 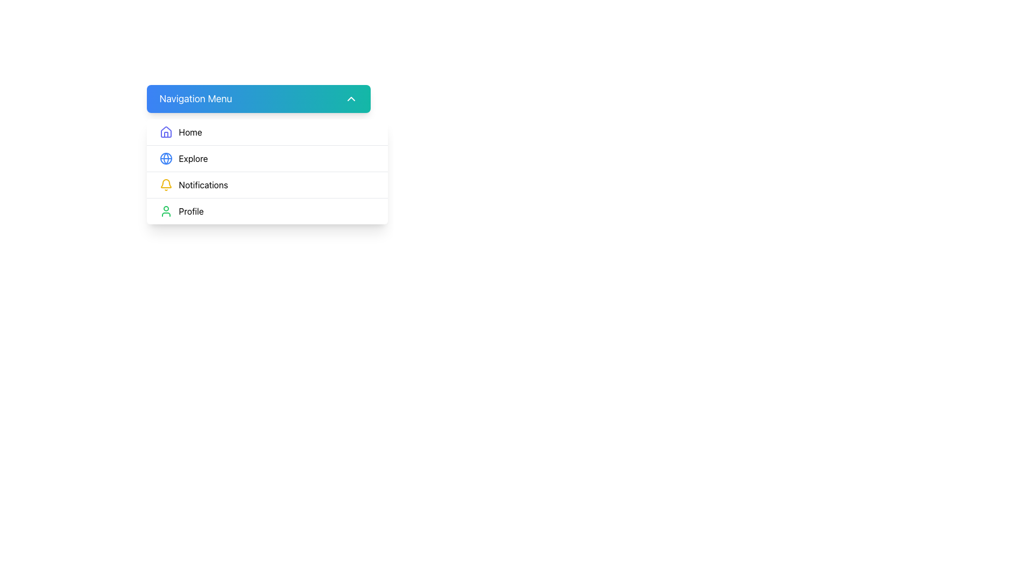 I want to click on the blue globe icon styled with a stroke, located to the left of the 'Explore' text in the vertical navigation menu, so click(x=165, y=158).